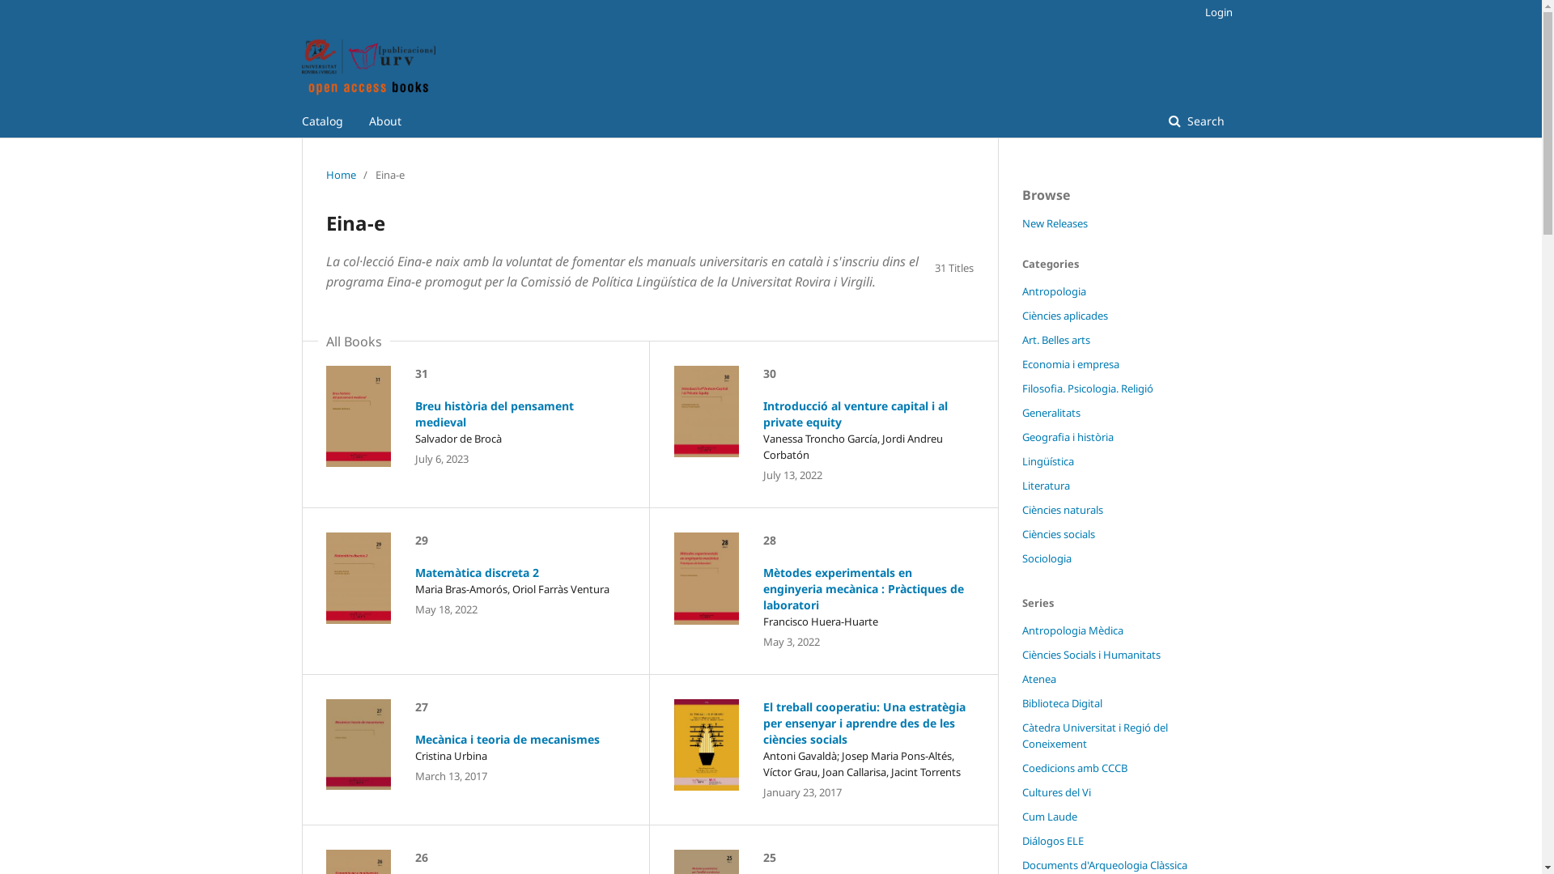  I want to click on 'Atenea', so click(1038, 679).